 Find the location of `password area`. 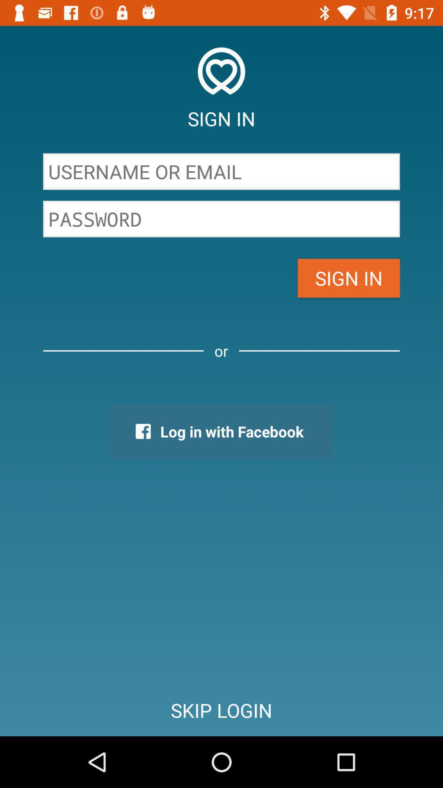

password area is located at coordinates (221, 219).